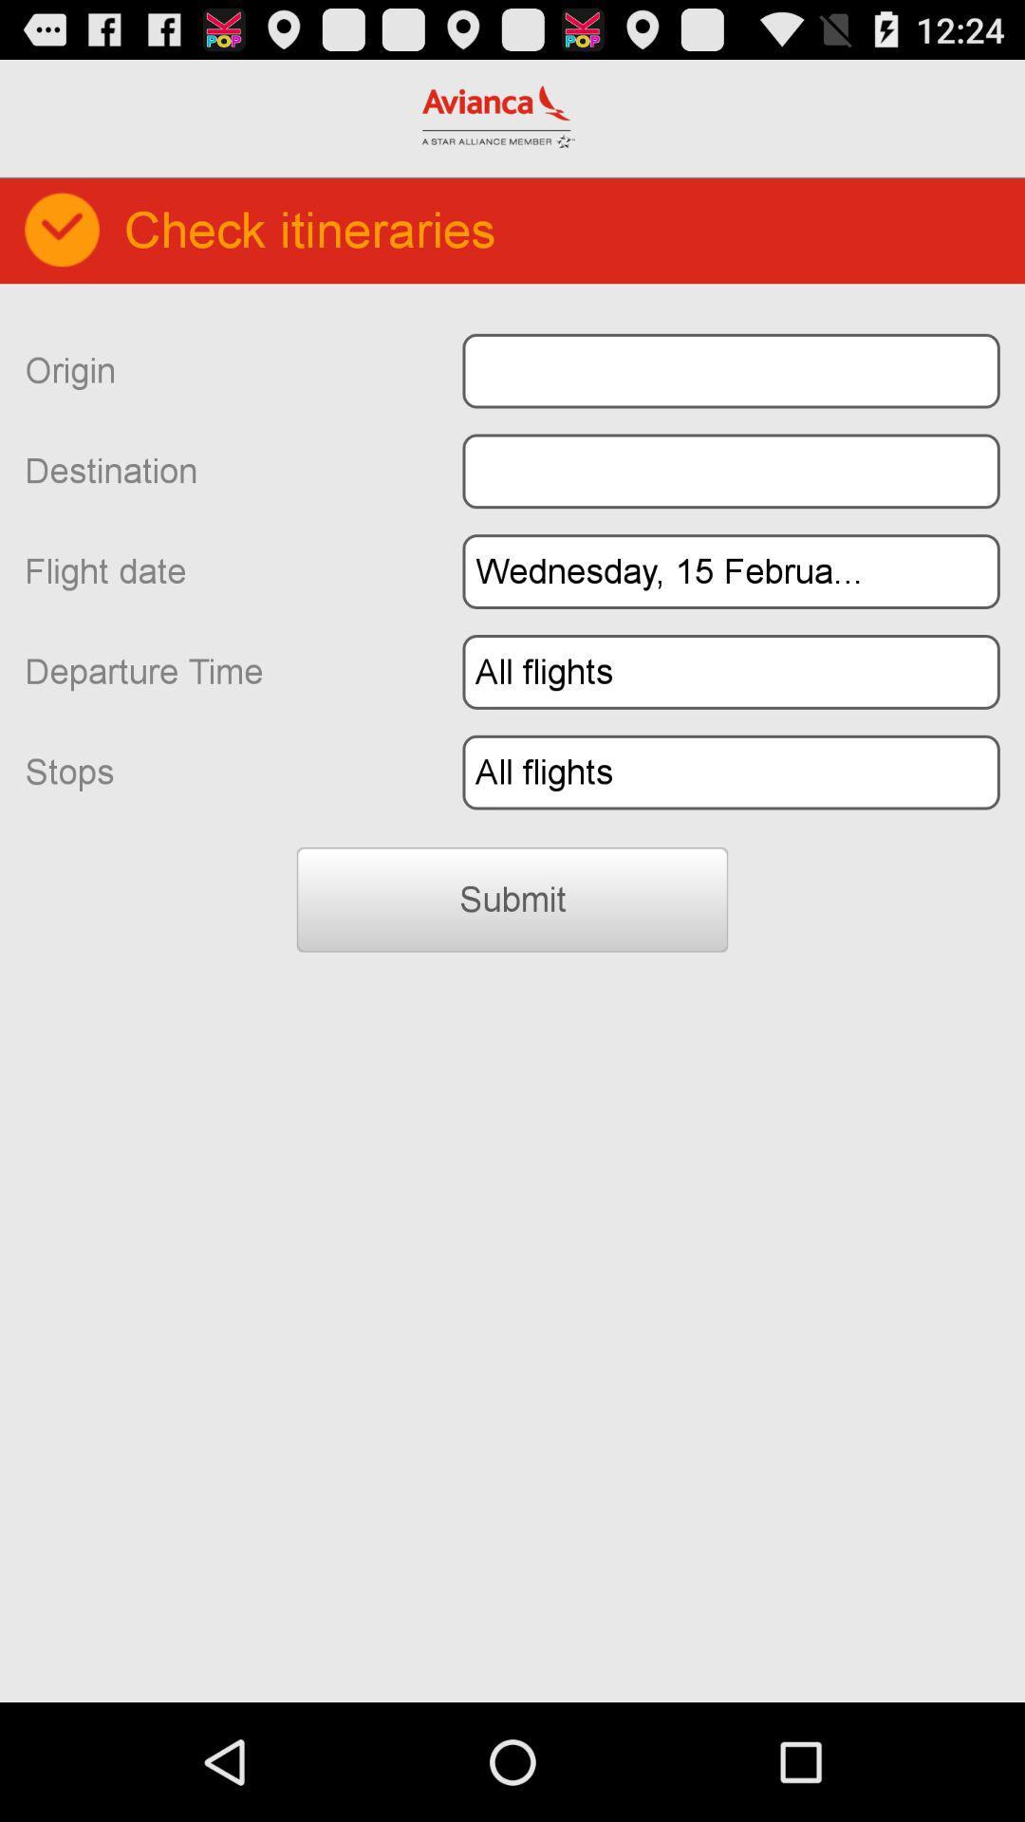  Describe the element at coordinates (730, 371) in the screenshot. I see `the item to the right of the origin icon` at that location.